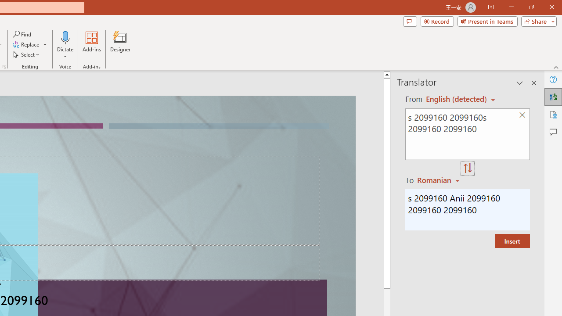 The image size is (562, 316). I want to click on 'Swap "from" and "to" languages.', so click(467, 169).